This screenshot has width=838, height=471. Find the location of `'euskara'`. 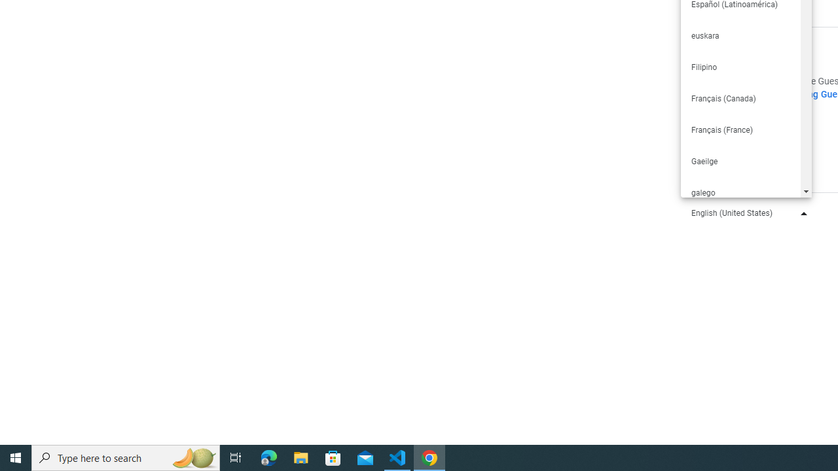

'euskara' is located at coordinates (740, 35).